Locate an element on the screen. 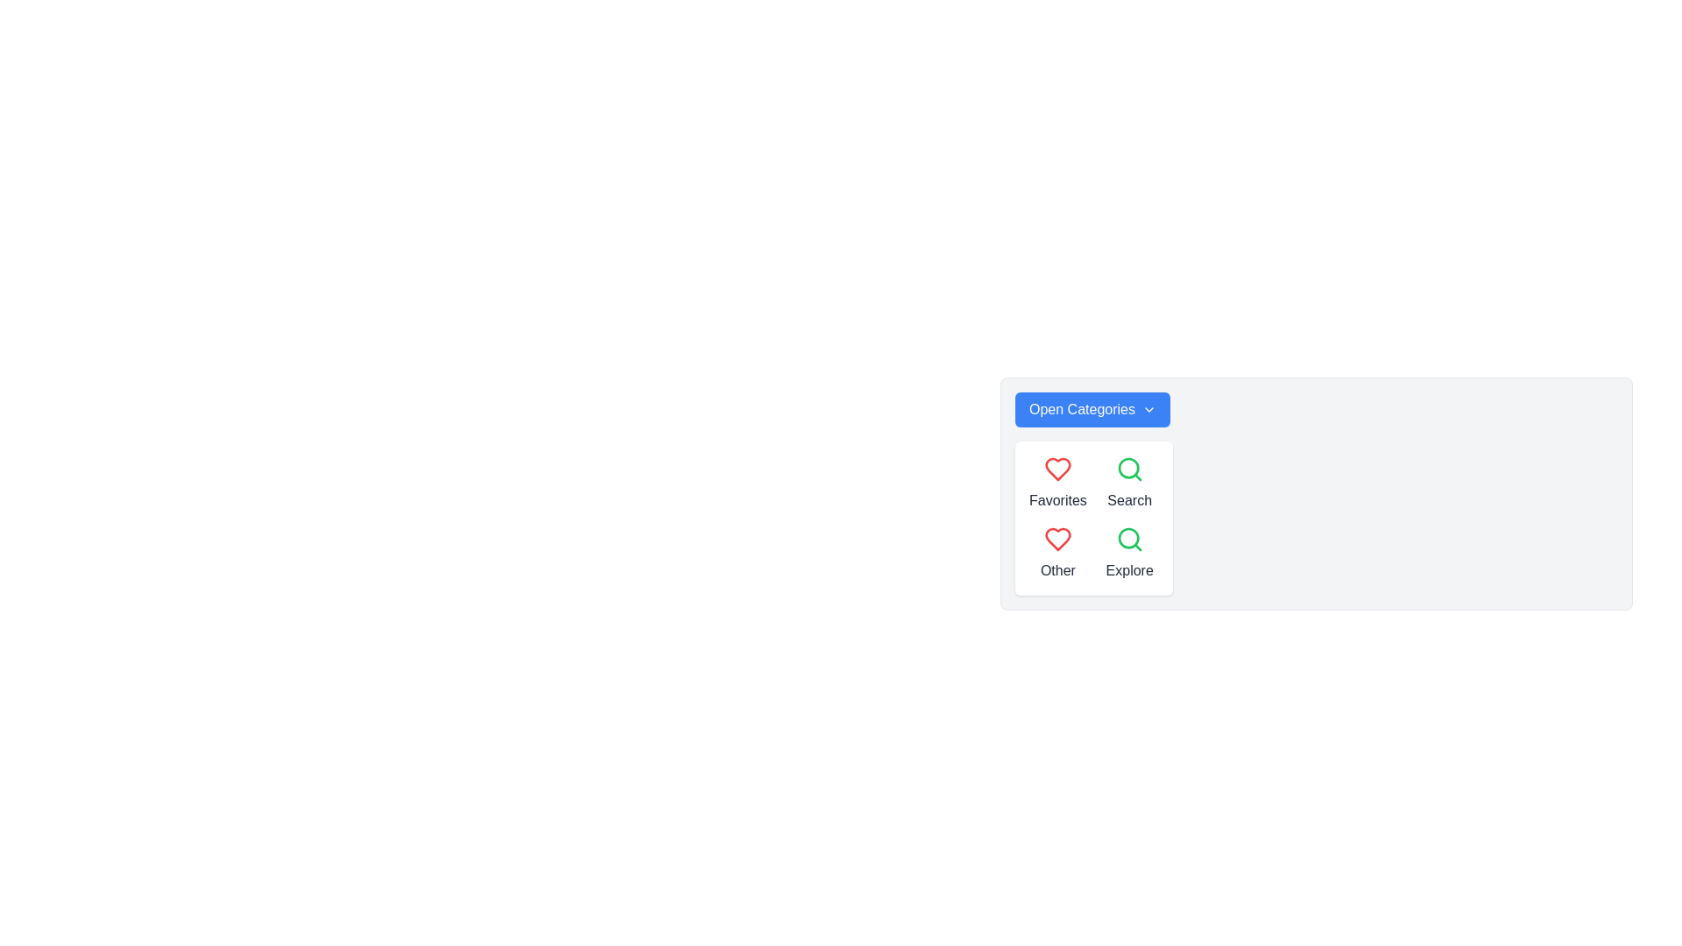 The height and width of the screenshot is (946, 1682). the 'Open Categories' dropdown button, which has a blue background and white text is located at coordinates (1092, 409).